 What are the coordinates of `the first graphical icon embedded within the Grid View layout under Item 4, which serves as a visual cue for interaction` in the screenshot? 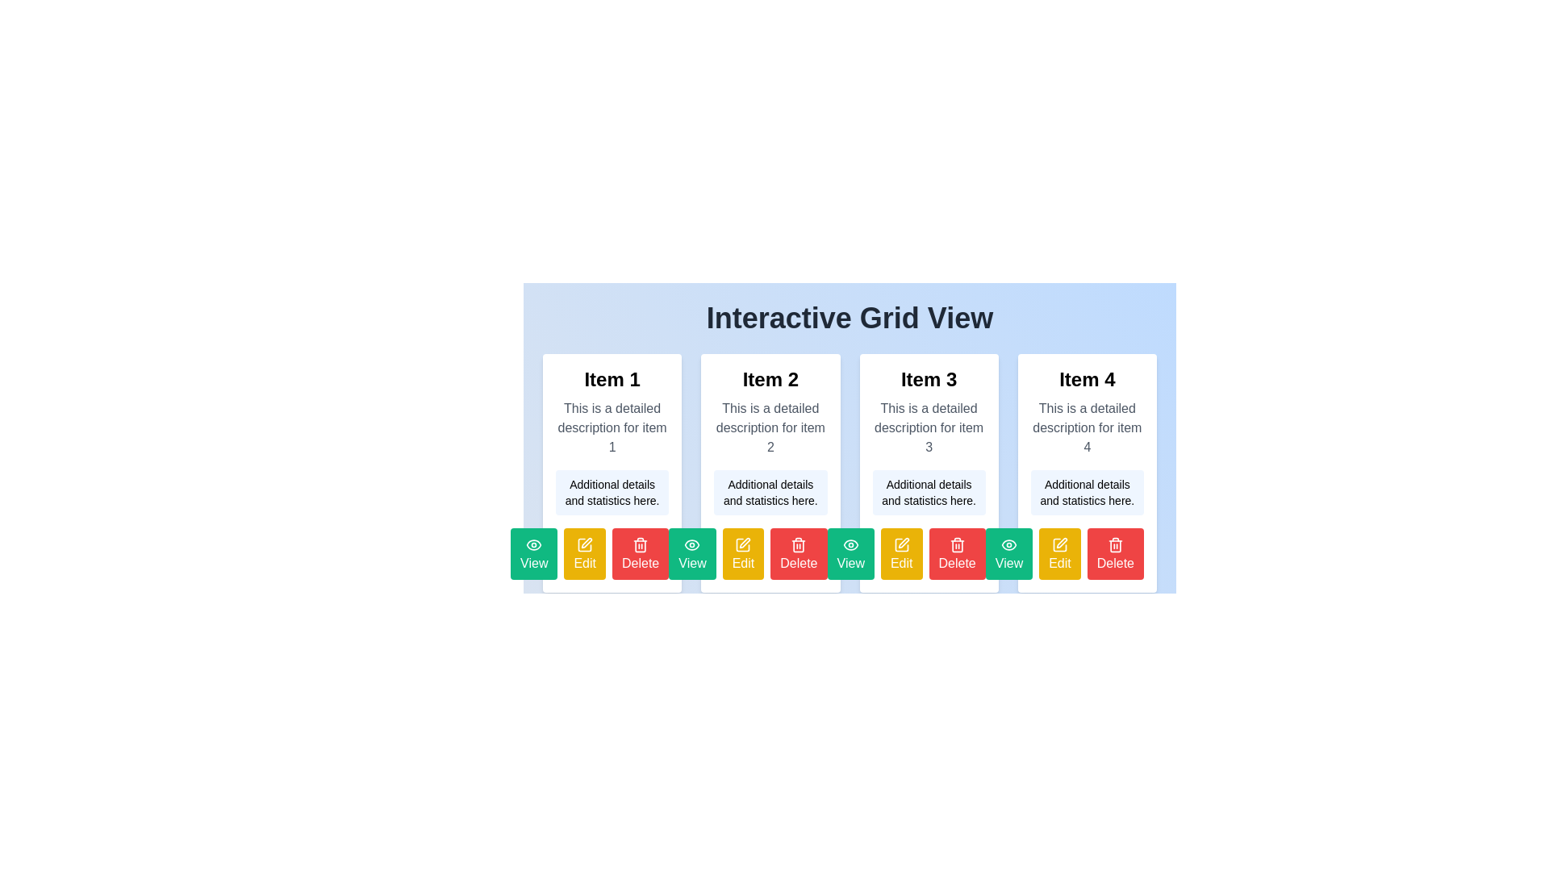 It's located at (1060, 544).